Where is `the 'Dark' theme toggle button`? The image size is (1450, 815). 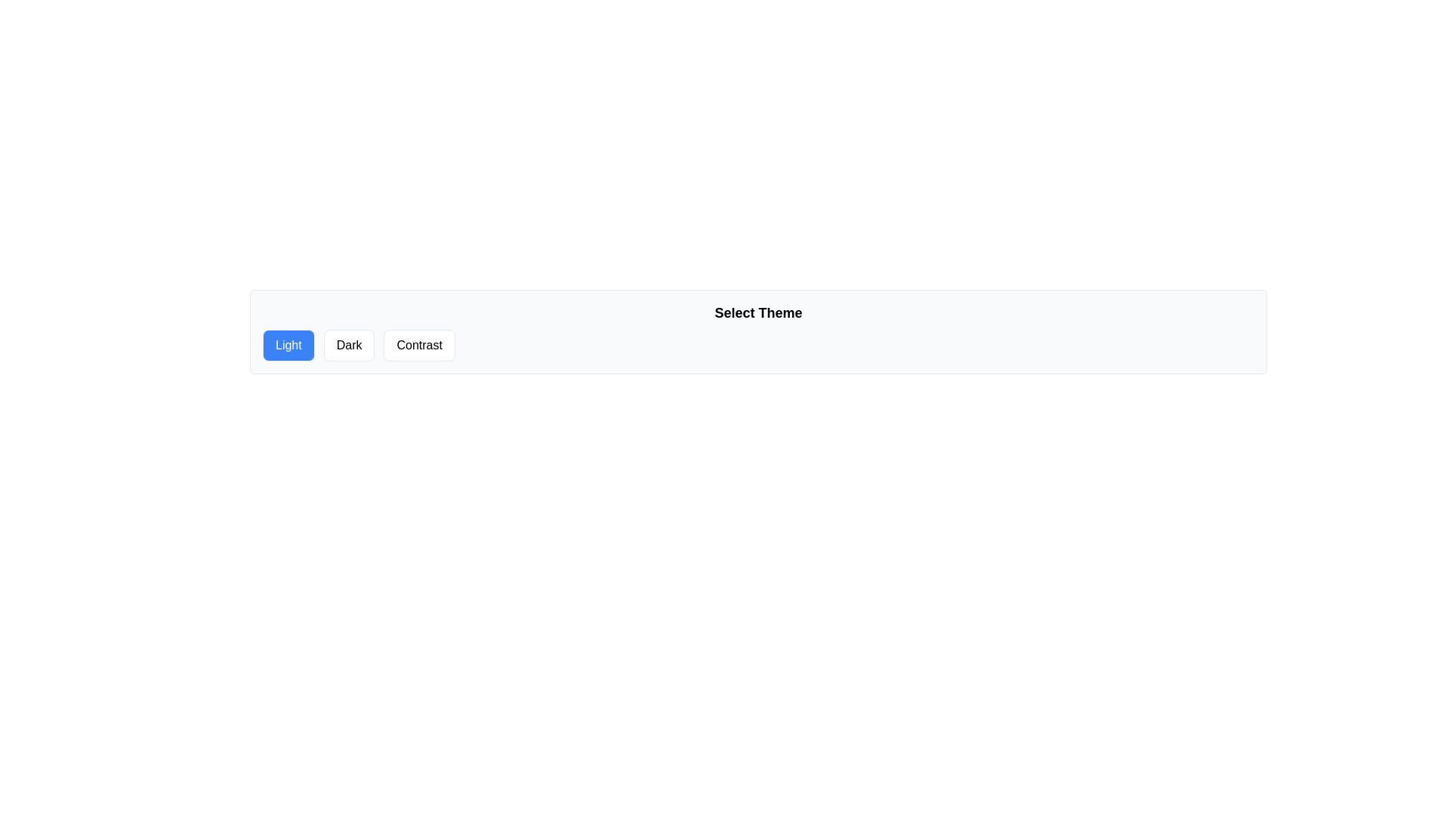 the 'Dark' theme toggle button is located at coordinates (348, 346).